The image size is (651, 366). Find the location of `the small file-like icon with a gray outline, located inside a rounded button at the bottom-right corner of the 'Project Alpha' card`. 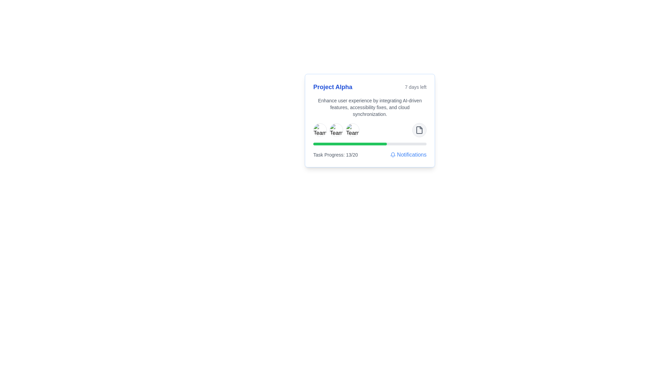

the small file-like icon with a gray outline, located inside a rounded button at the bottom-right corner of the 'Project Alpha' card is located at coordinates (419, 130).